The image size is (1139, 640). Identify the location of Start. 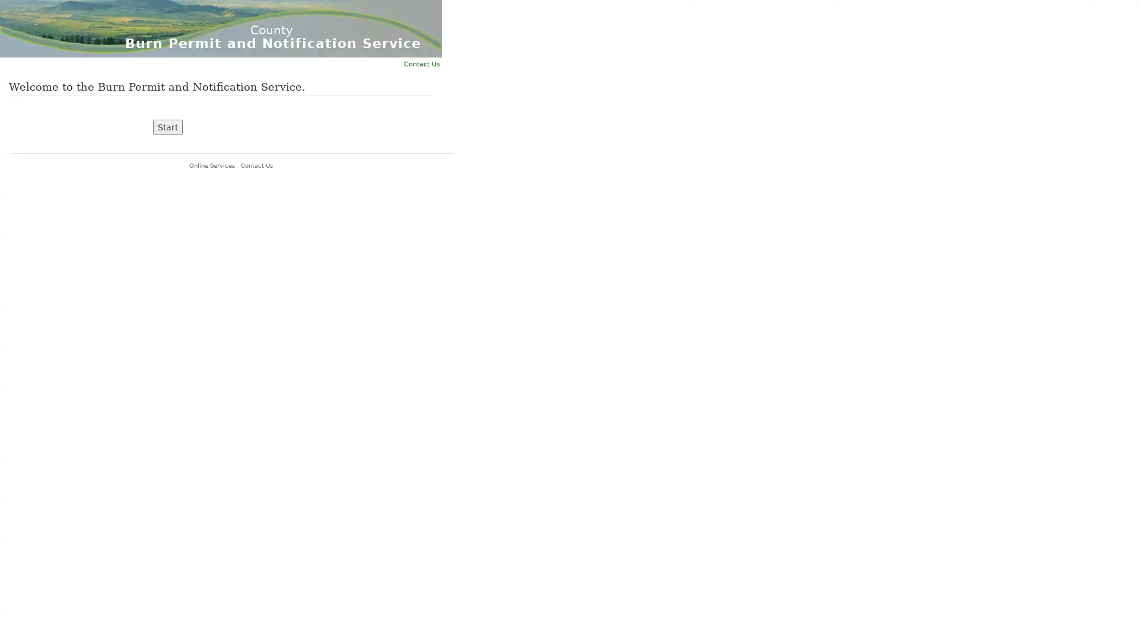
(167, 127).